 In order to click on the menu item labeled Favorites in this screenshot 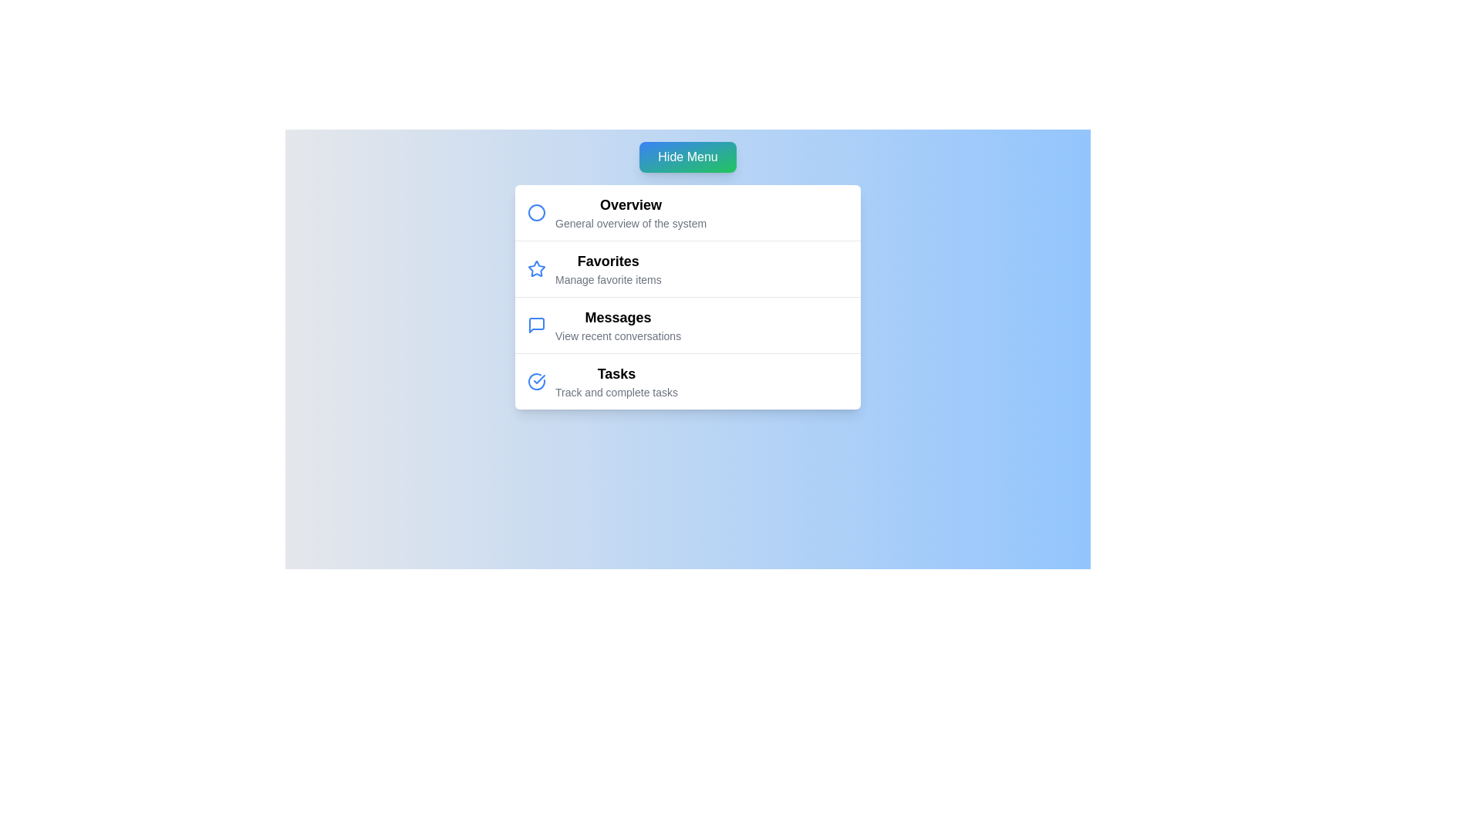, I will do `click(607, 261)`.